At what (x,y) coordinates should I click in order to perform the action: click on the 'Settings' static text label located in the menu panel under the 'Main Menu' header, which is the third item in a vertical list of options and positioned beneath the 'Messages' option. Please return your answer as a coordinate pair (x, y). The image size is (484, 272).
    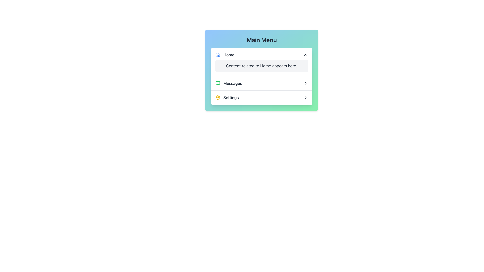
    Looking at the image, I should click on (231, 98).